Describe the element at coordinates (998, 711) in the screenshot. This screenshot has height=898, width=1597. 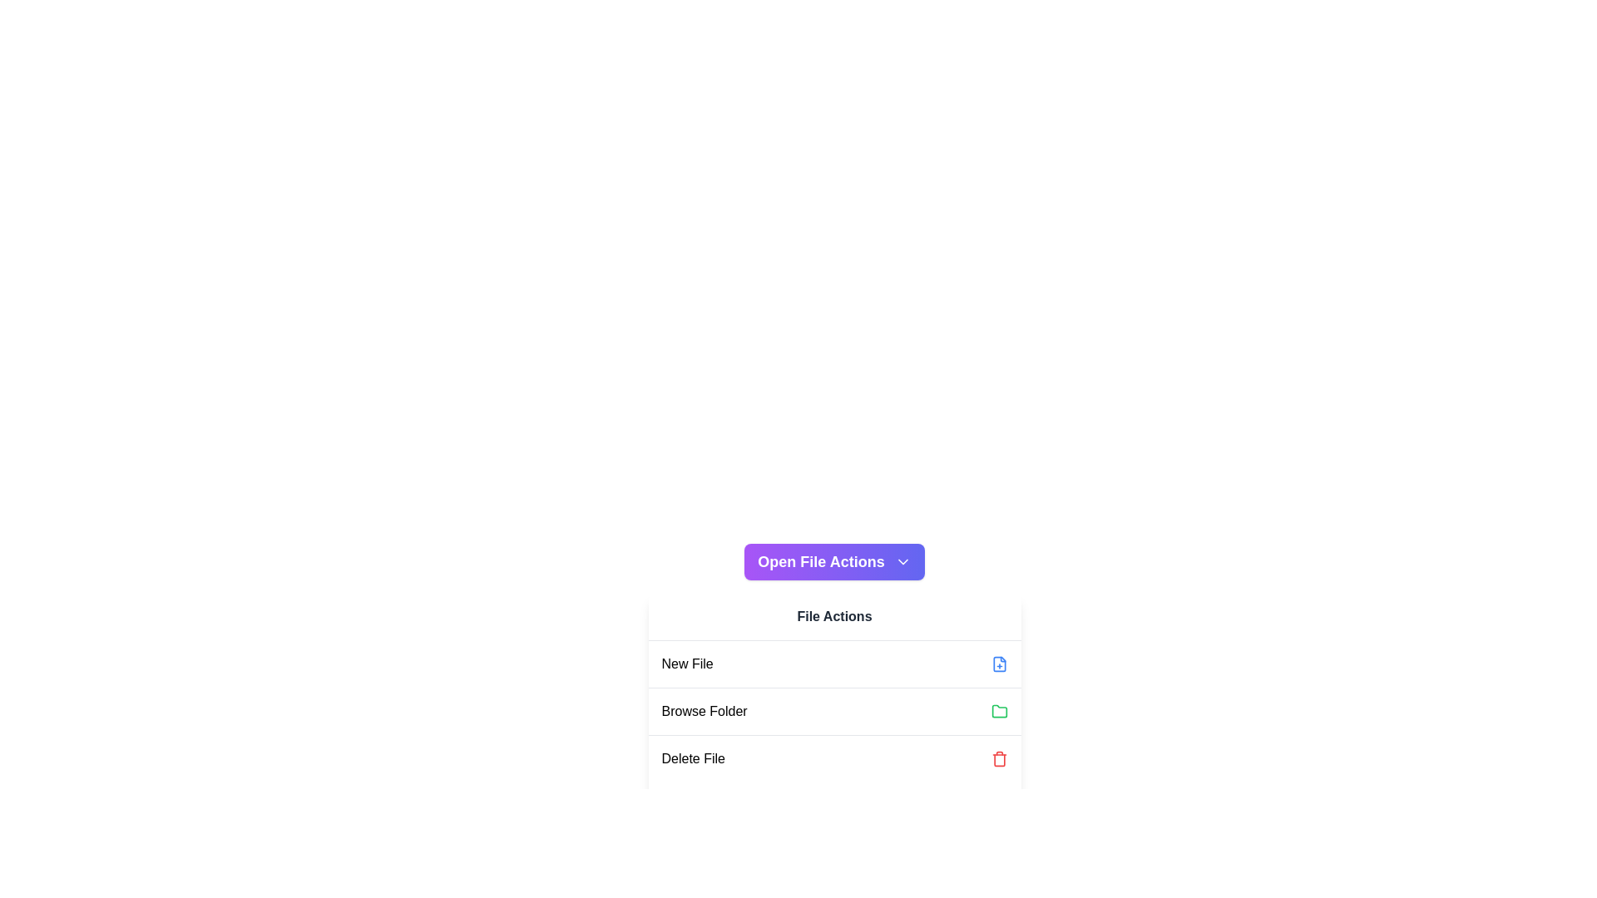
I see `the green folder icon located to the right of the text 'Browse Folder'` at that location.